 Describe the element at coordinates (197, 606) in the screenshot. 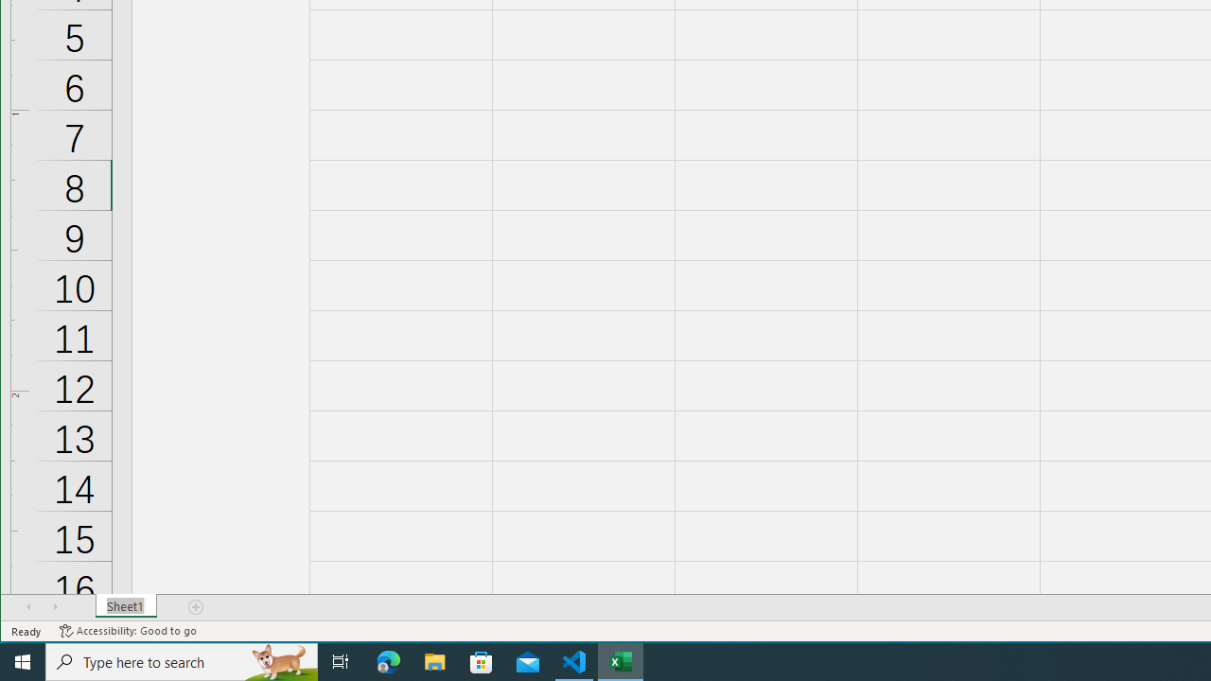

I see `'Add Sheet'` at that location.